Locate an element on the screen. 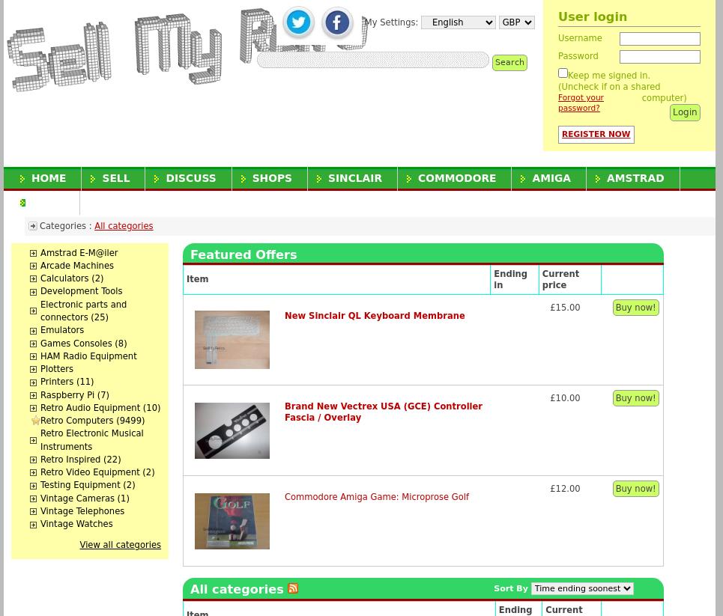 Image resolution: width=723 pixels, height=616 pixels. 'Calculators (2)' is located at coordinates (71, 278).